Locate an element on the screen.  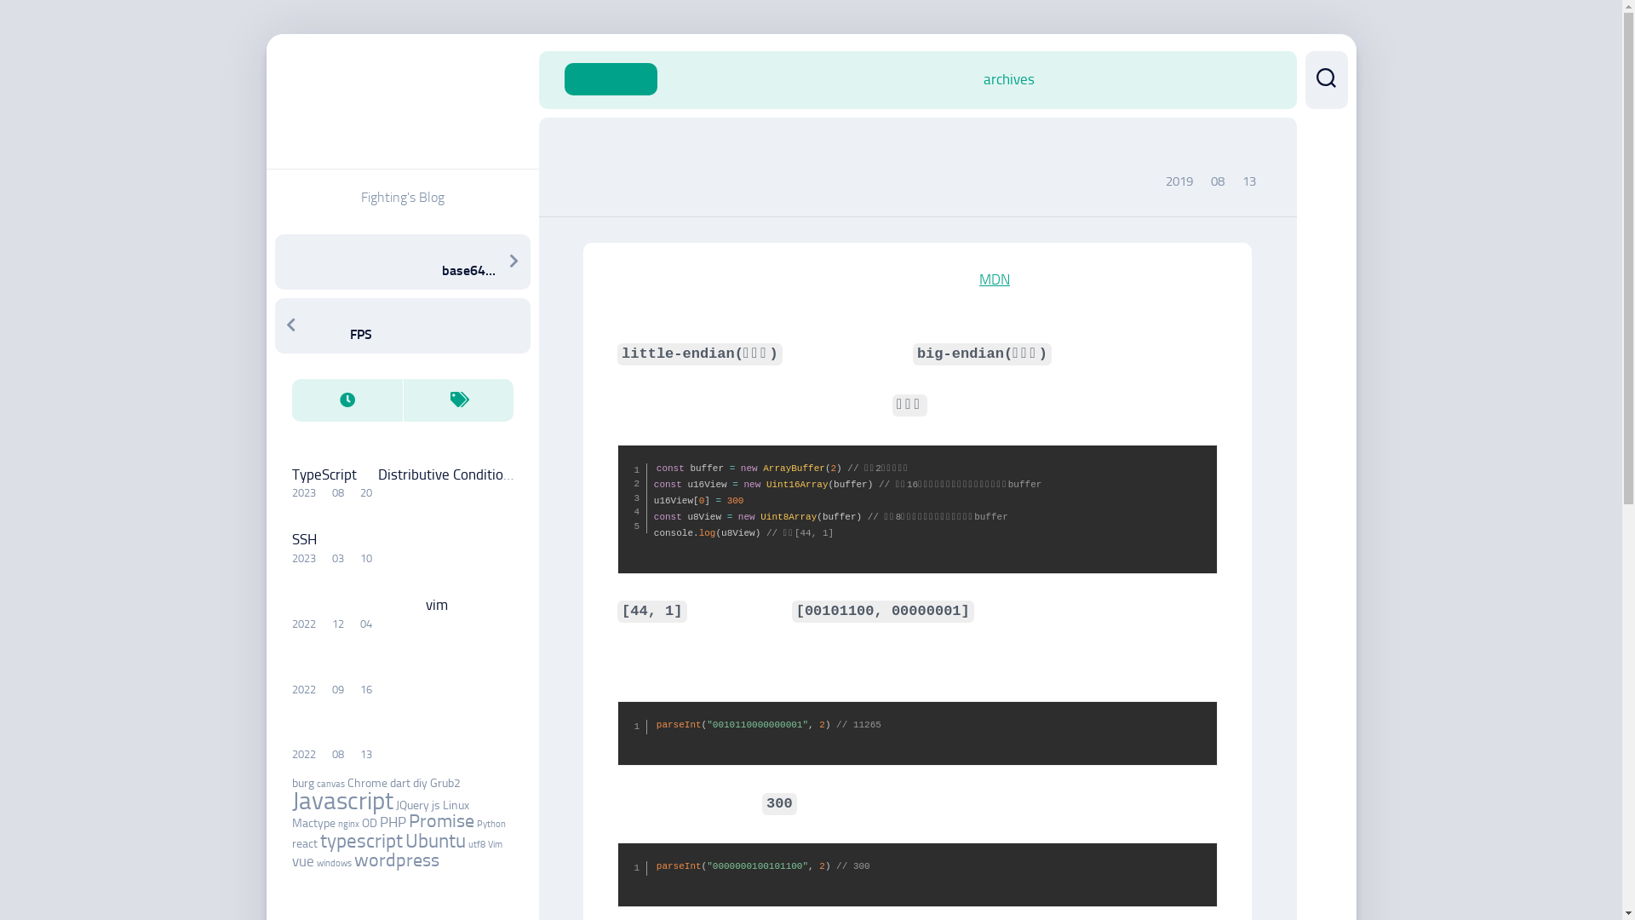
'Linux' is located at coordinates (456, 805).